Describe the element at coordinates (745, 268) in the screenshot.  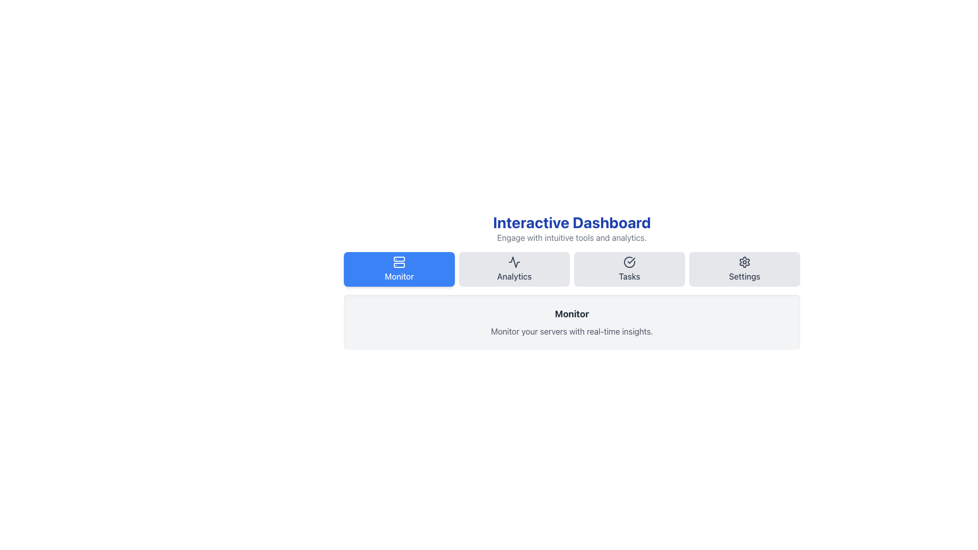
I see `the 'Settings' button, which is a rounded rectangular button with a light gray background and a gear icon, using keyboard navigation` at that location.